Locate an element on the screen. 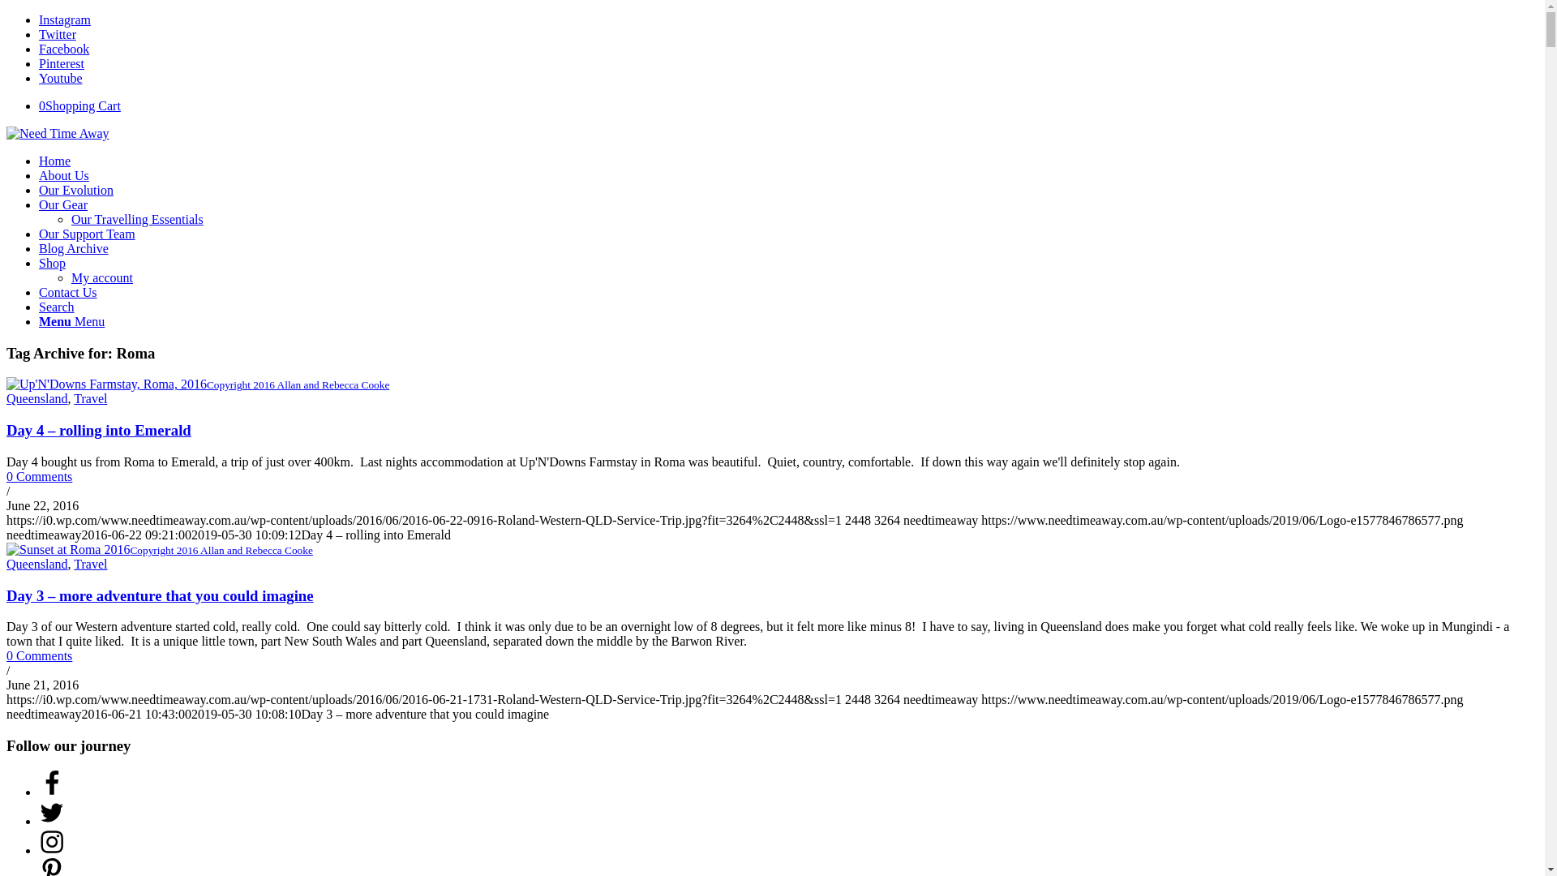  'About Us' is located at coordinates (63, 175).